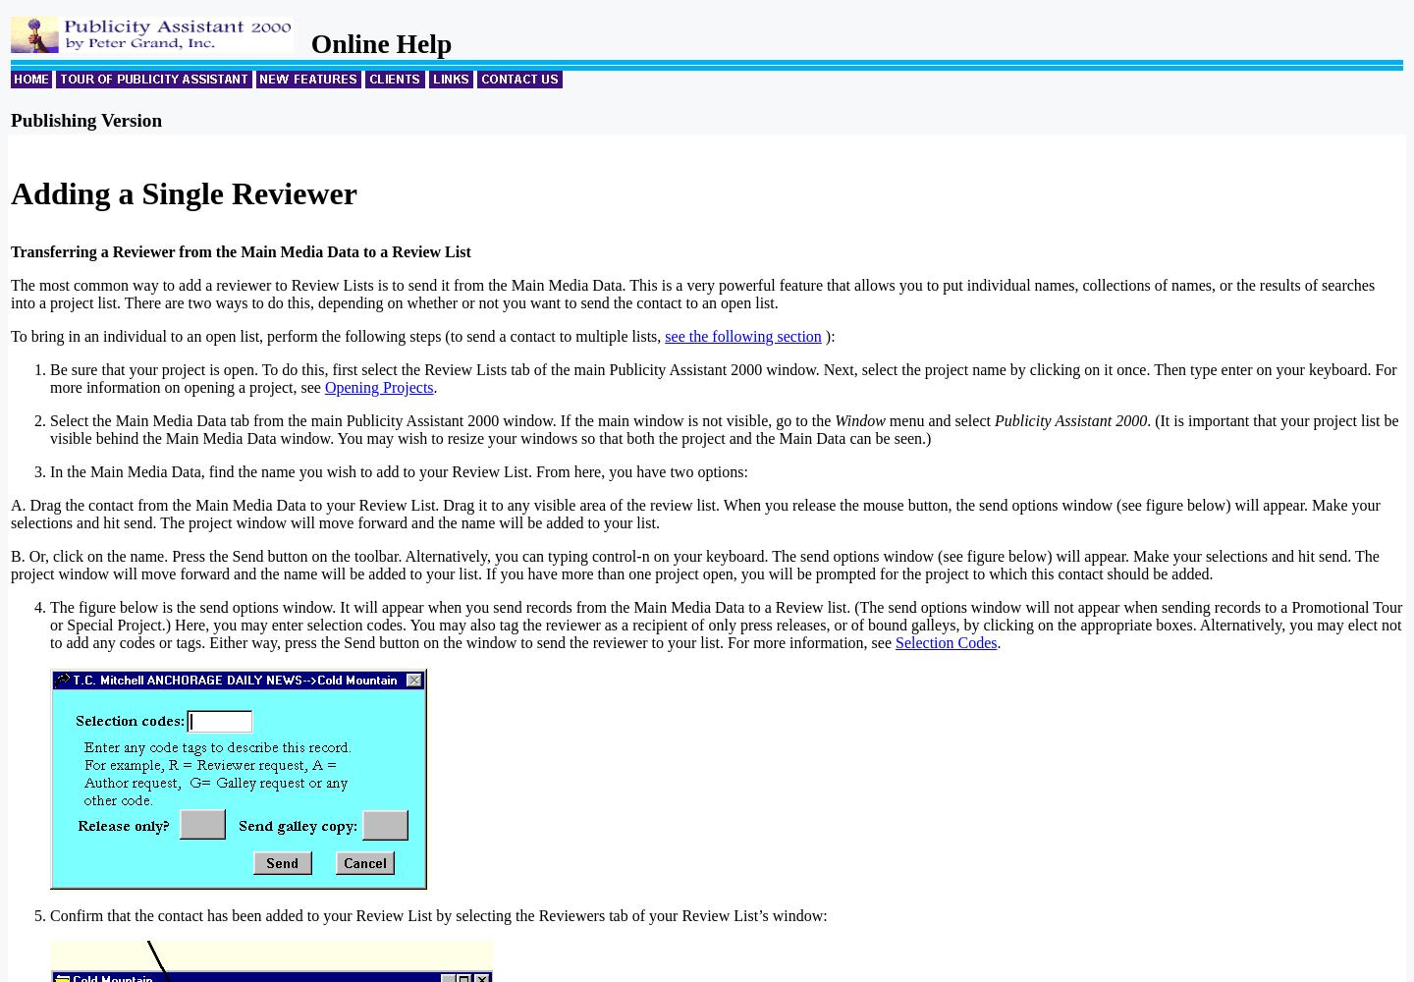  Describe the element at coordinates (826, 335) in the screenshot. I see `'):'` at that location.